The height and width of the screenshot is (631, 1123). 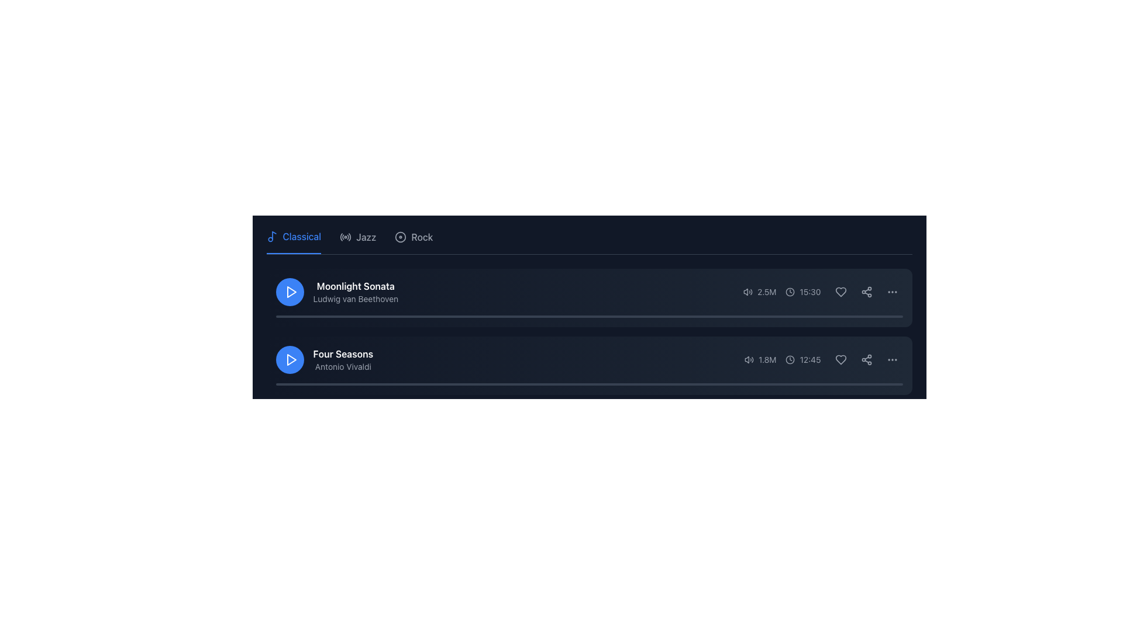 I want to click on the text label displaying 'Four Seasons' and 'Antonio Vivaldi', which is located below 'Moonlight Sonata' in the list, so click(x=342, y=359).